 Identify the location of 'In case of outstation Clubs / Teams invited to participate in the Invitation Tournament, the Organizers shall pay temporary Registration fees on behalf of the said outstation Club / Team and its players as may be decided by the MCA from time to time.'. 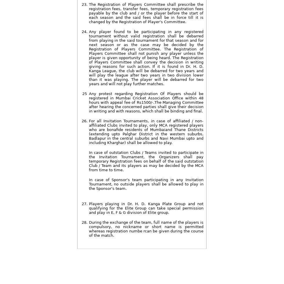
(88, 161).